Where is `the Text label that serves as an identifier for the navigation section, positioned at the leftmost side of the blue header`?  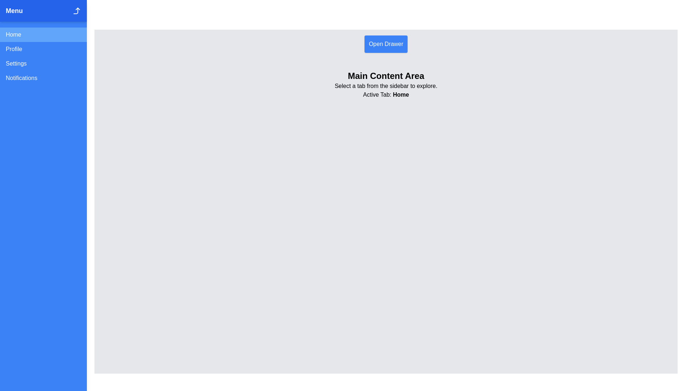
the Text label that serves as an identifier for the navigation section, positioned at the leftmost side of the blue header is located at coordinates (14, 11).